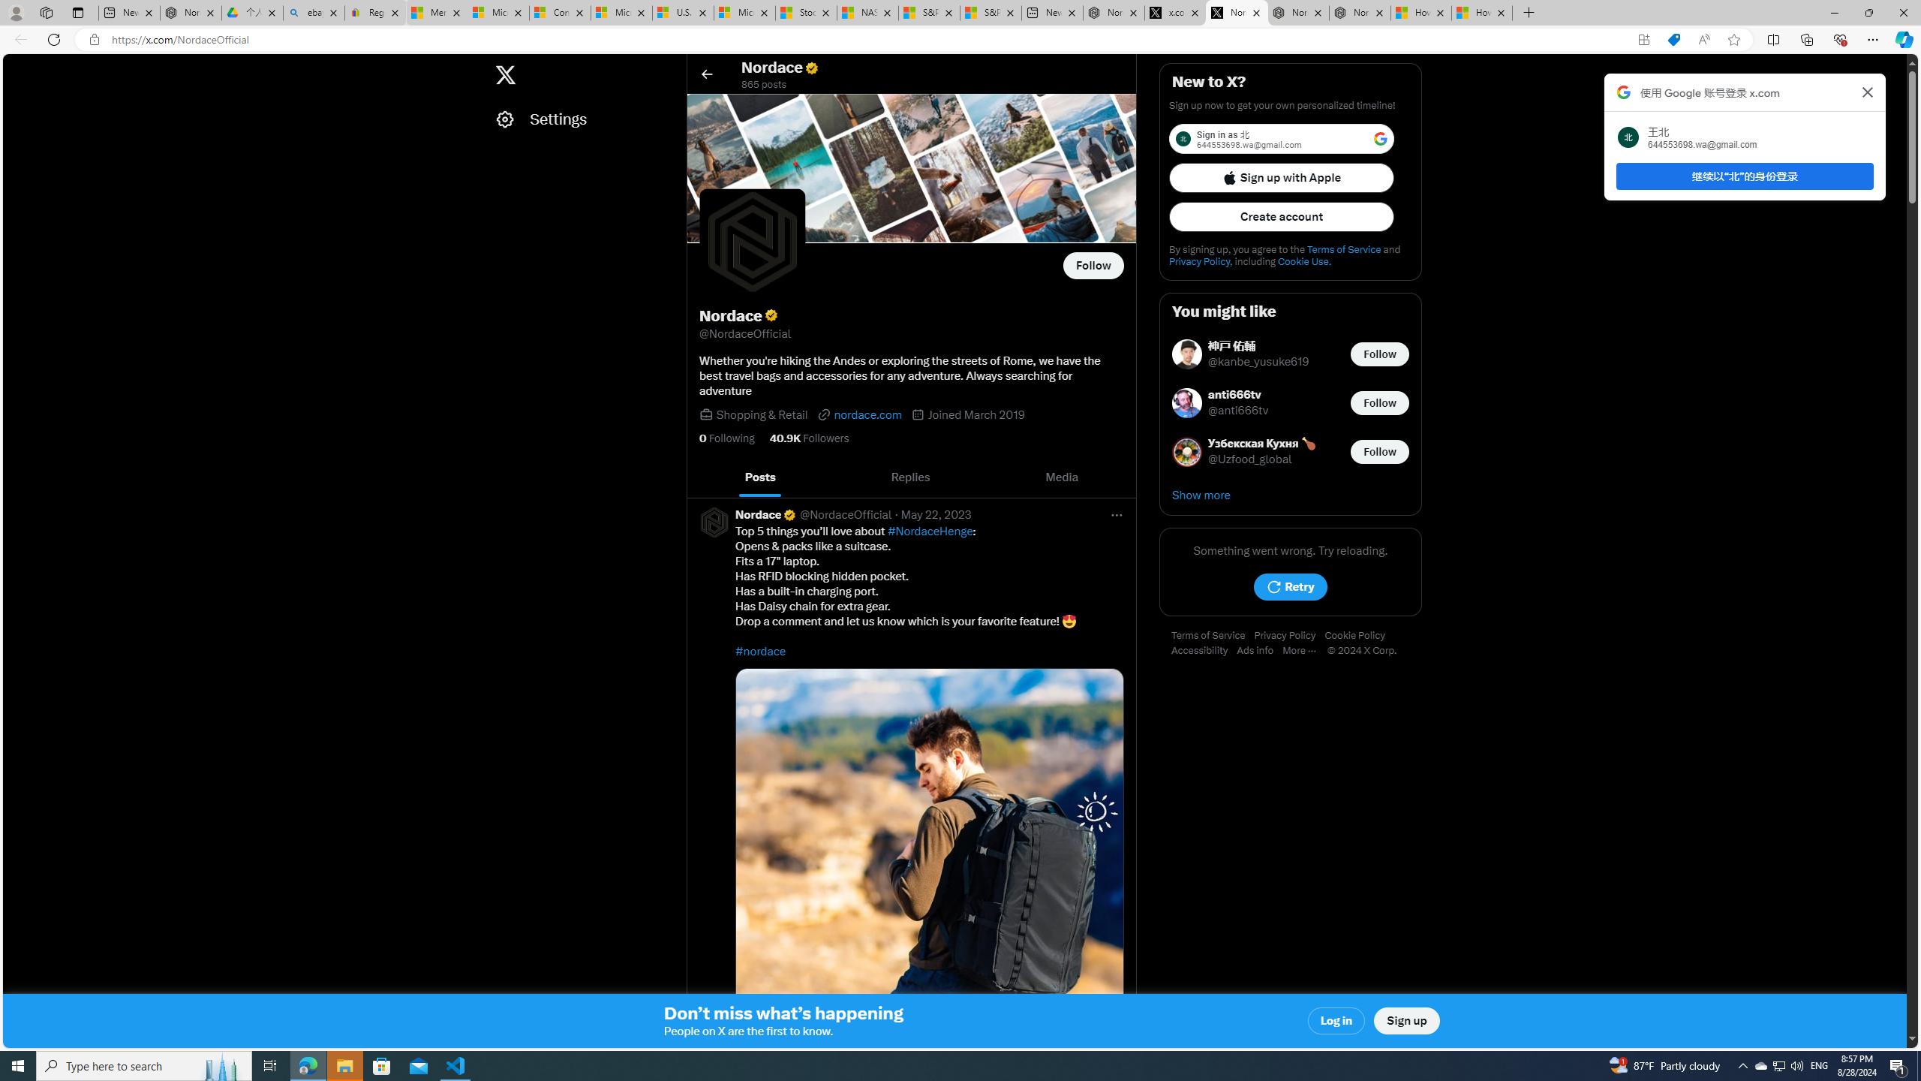  What do you see at coordinates (1093, 265) in the screenshot?
I see `'Follow @NordaceOfficial'` at bounding box center [1093, 265].